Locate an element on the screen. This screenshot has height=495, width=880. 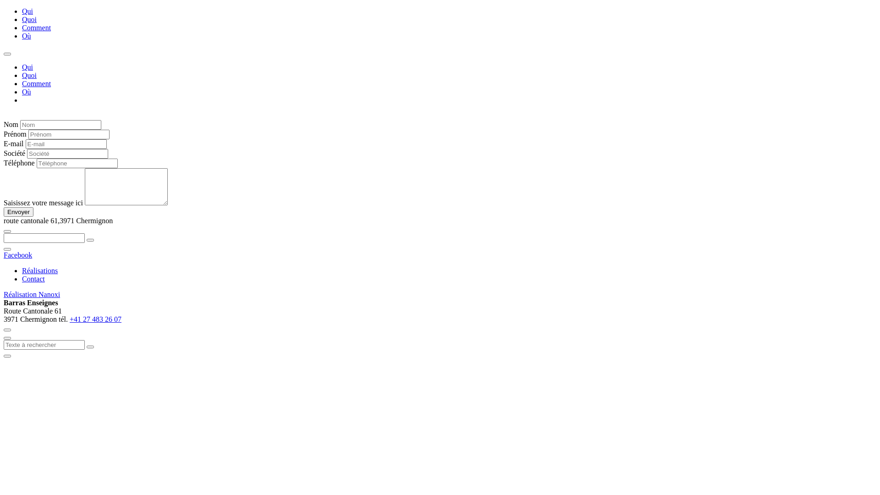
'fermer' is located at coordinates (7, 249).